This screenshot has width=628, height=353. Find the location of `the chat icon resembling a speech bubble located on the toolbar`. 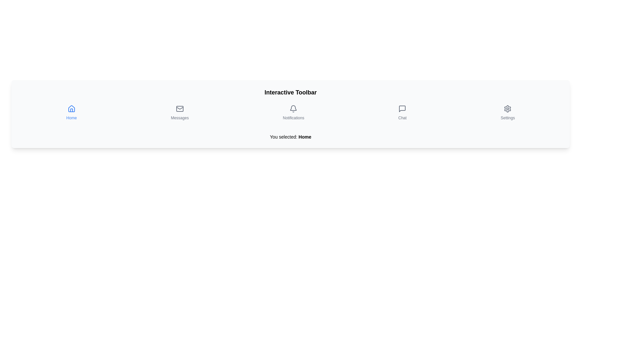

the chat icon resembling a speech bubble located on the toolbar is located at coordinates (402, 108).